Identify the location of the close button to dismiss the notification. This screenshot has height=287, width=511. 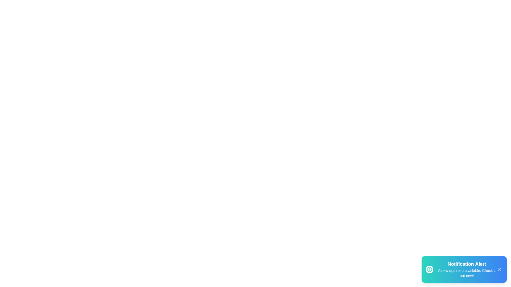
(499, 269).